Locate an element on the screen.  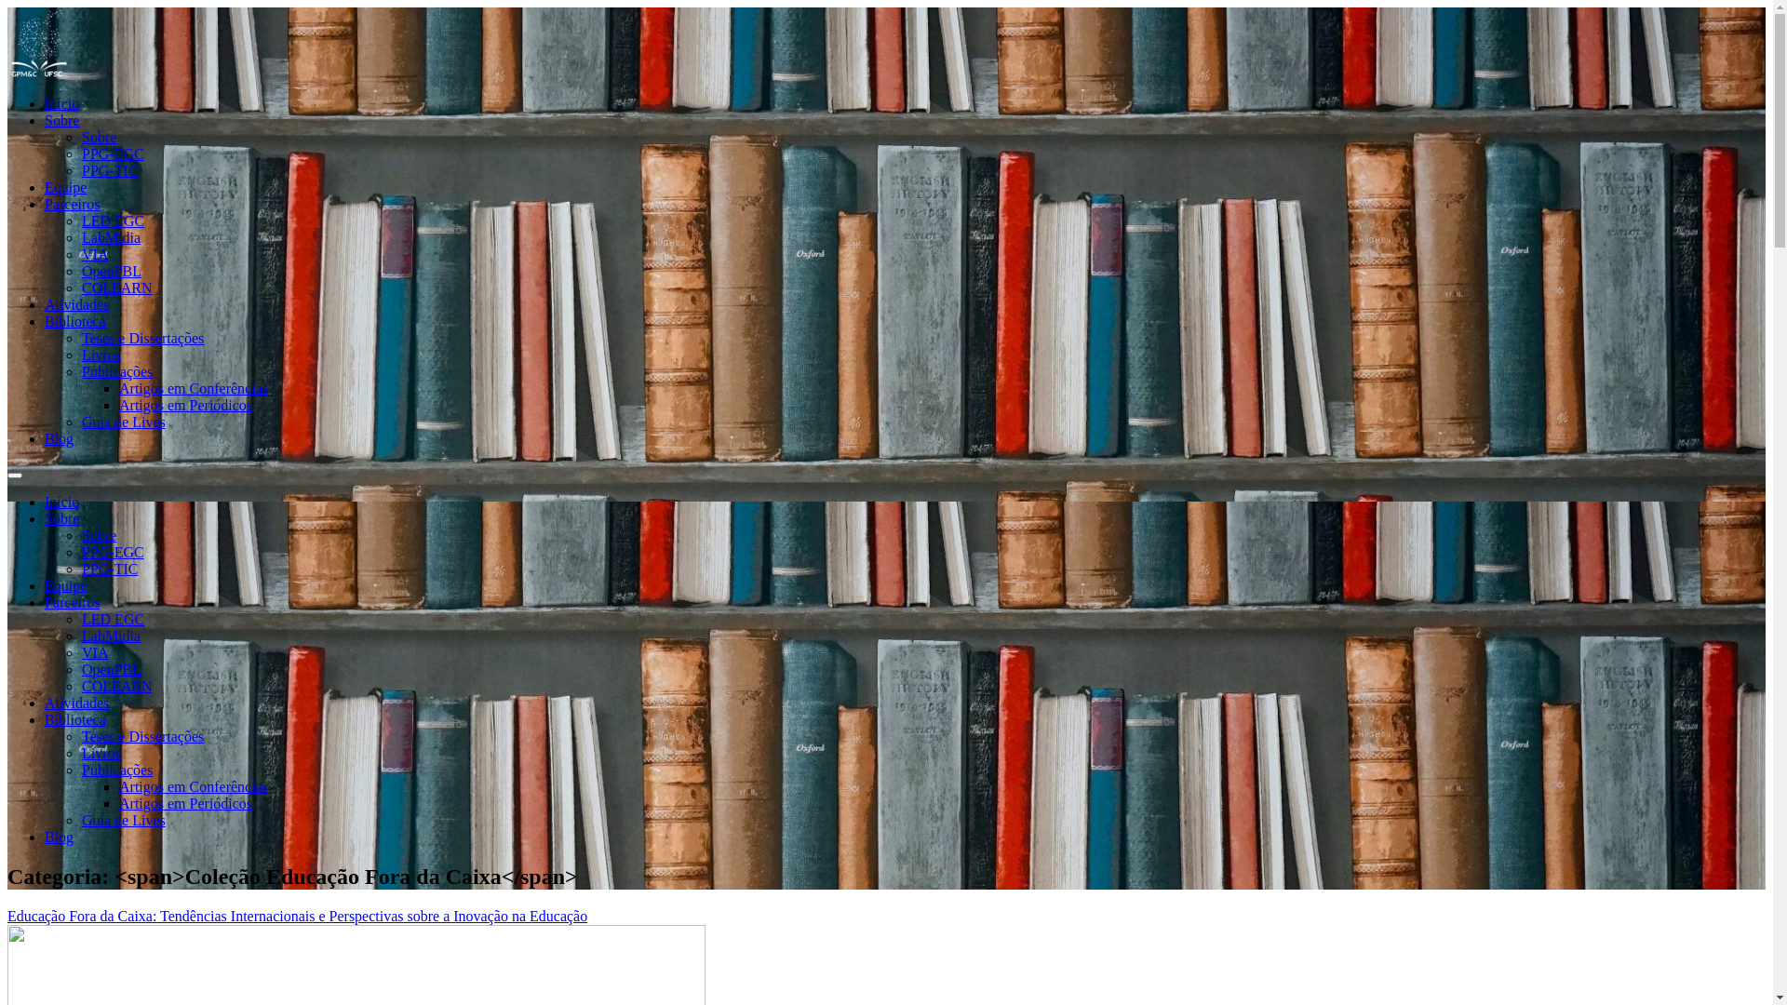
'Sobre' is located at coordinates (61, 120).